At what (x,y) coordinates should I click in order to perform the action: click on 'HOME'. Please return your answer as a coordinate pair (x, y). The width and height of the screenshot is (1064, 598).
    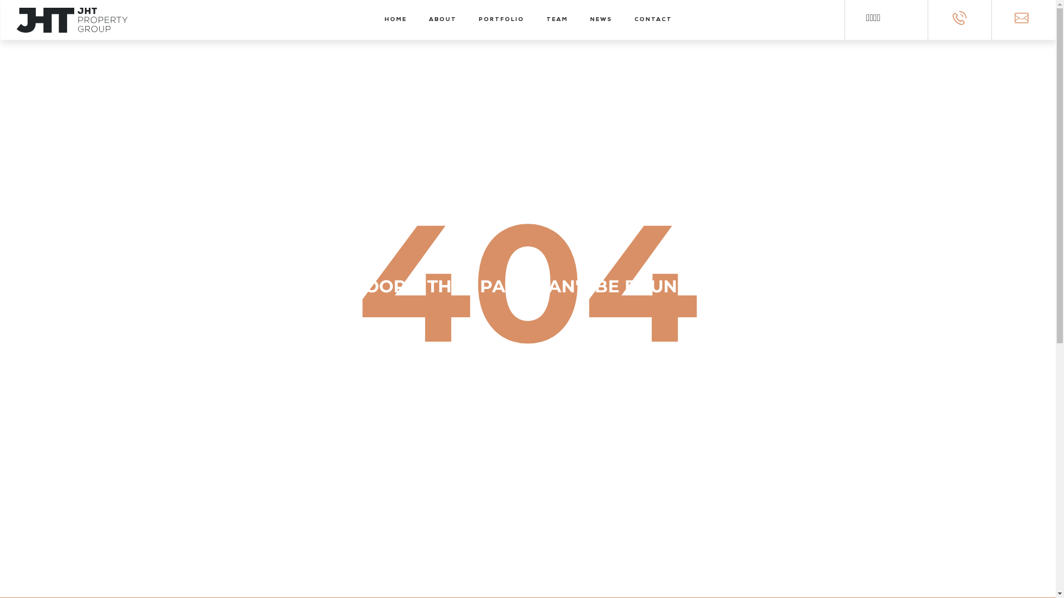
    Looking at the image, I should click on (396, 19).